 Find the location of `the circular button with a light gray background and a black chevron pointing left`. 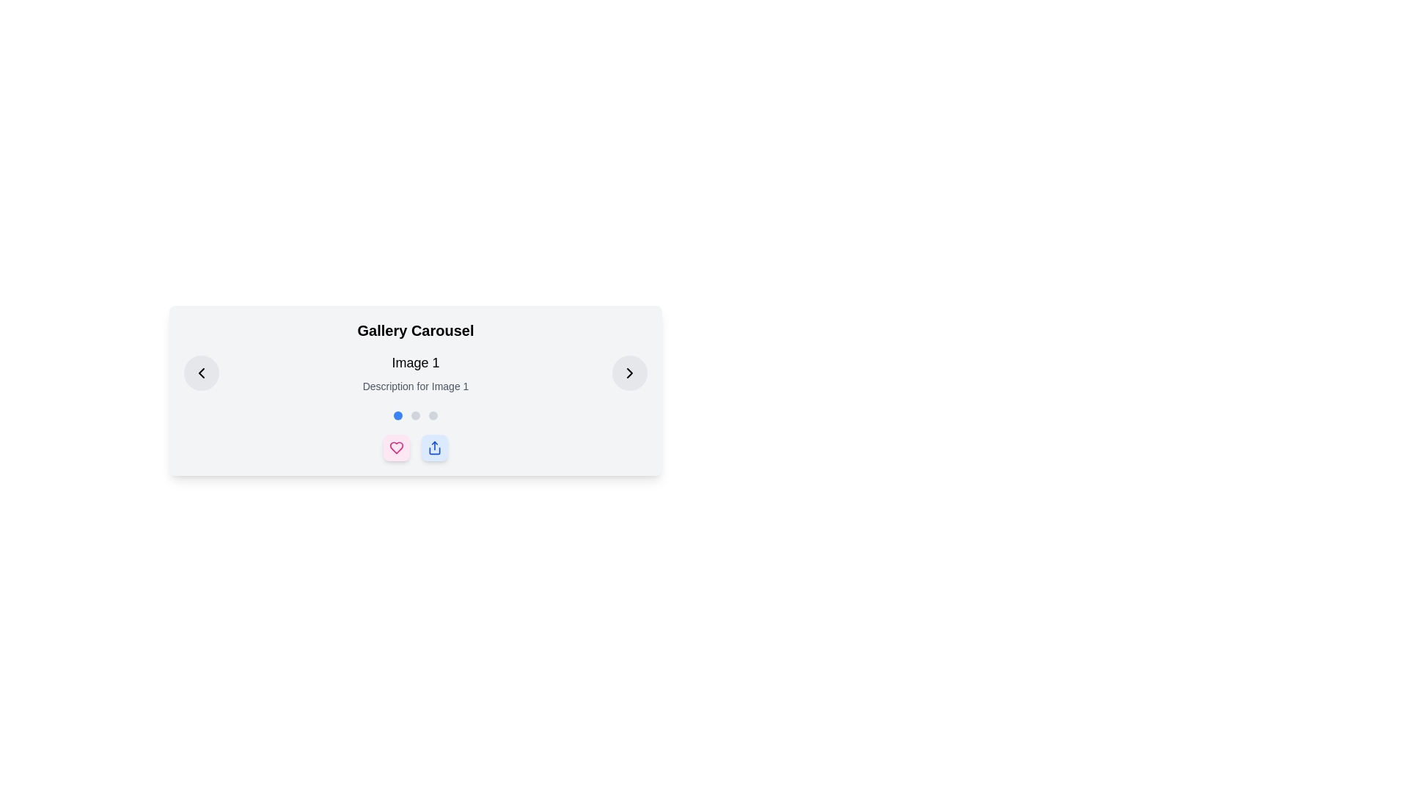

the circular button with a light gray background and a black chevron pointing left is located at coordinates (200, 373).